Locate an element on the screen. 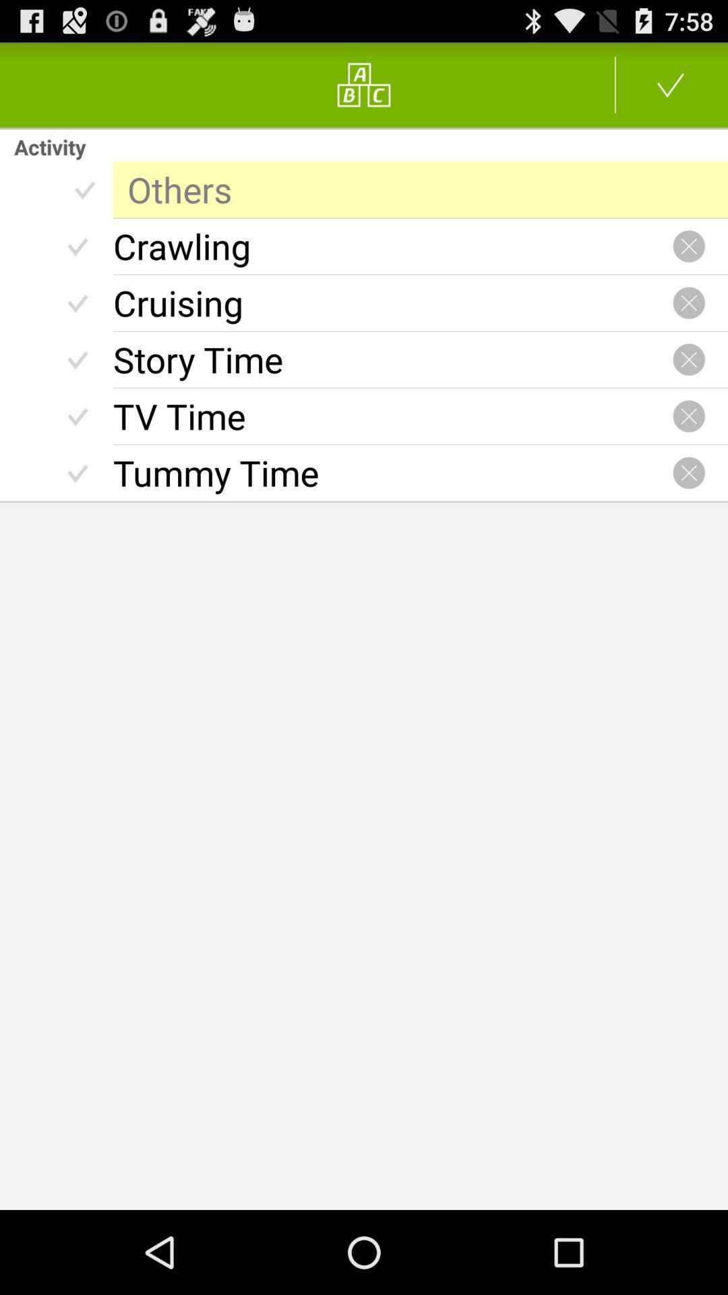 The image size is (728, 1295). delete is located at coordinates (689, 302).